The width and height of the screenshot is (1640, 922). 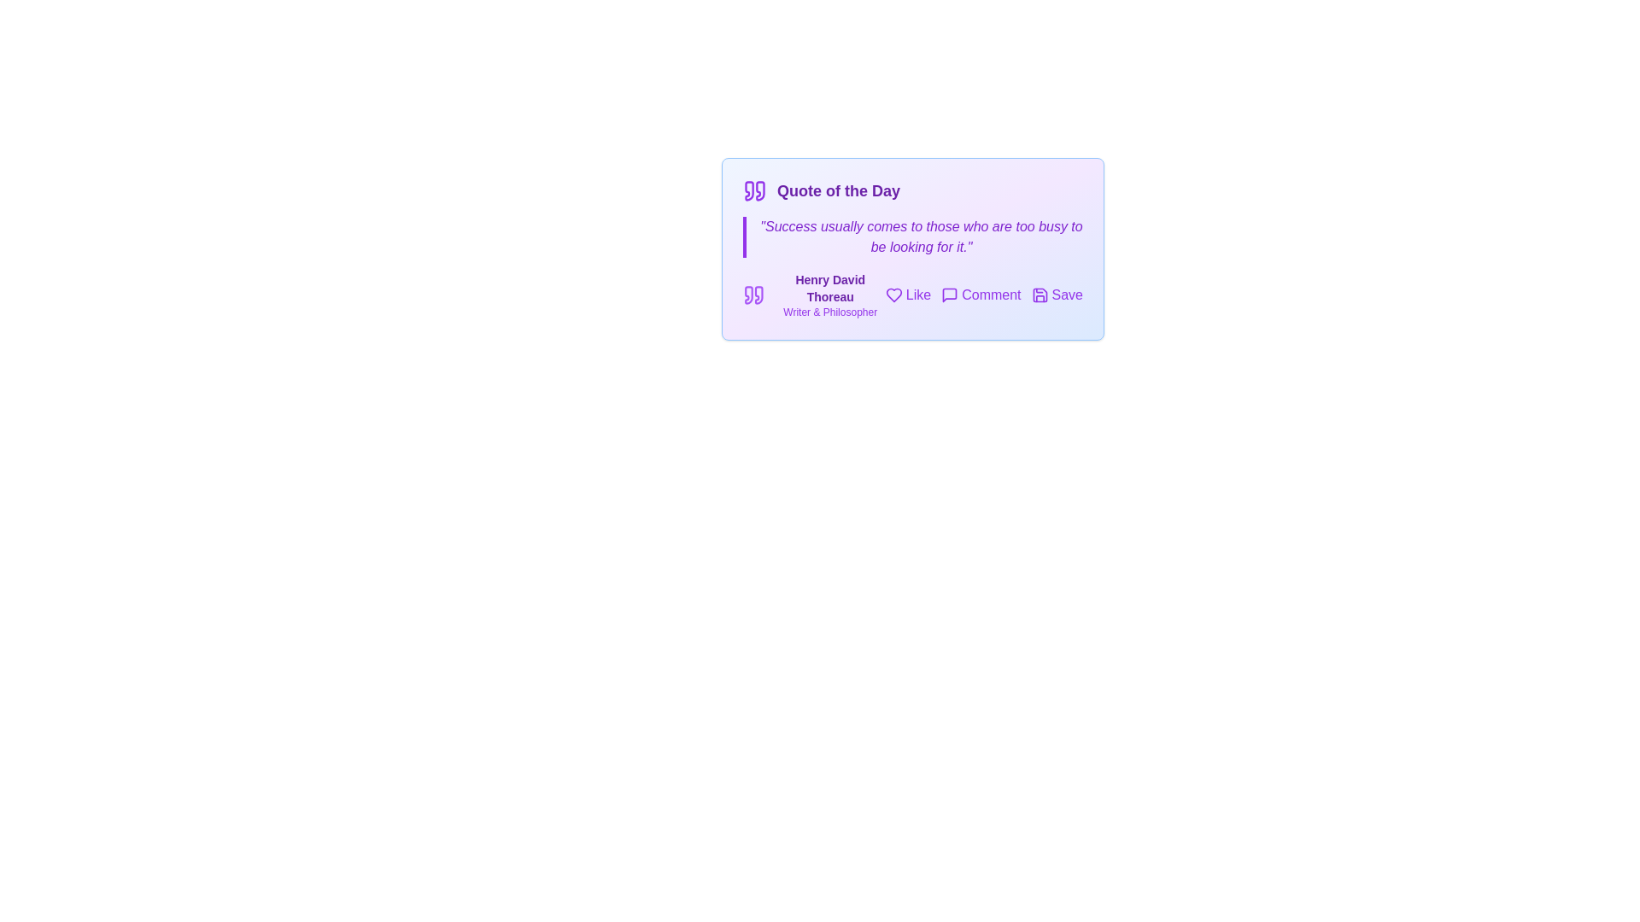 What do you see at coordinates (984, 295) in the screenshot?
I see `the 'Comment' button, which is the second option` at bounding box center [984, 295].